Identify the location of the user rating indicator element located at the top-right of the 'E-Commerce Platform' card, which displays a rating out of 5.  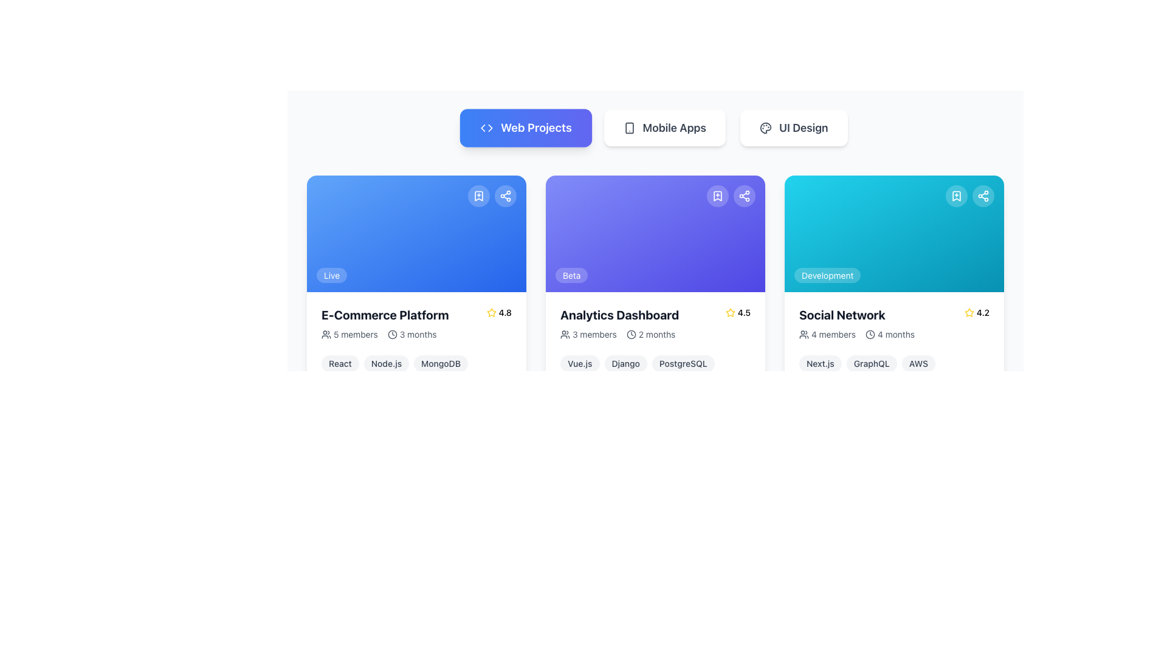
(499, 312).